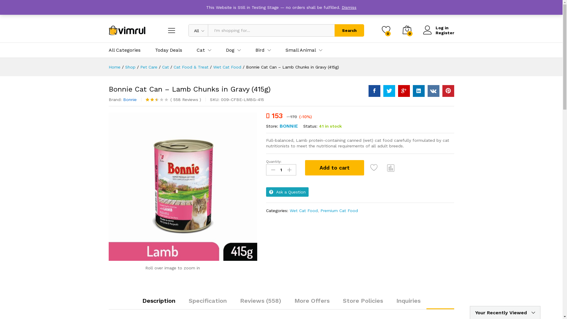  I want to click on '0', so click(402, 30).